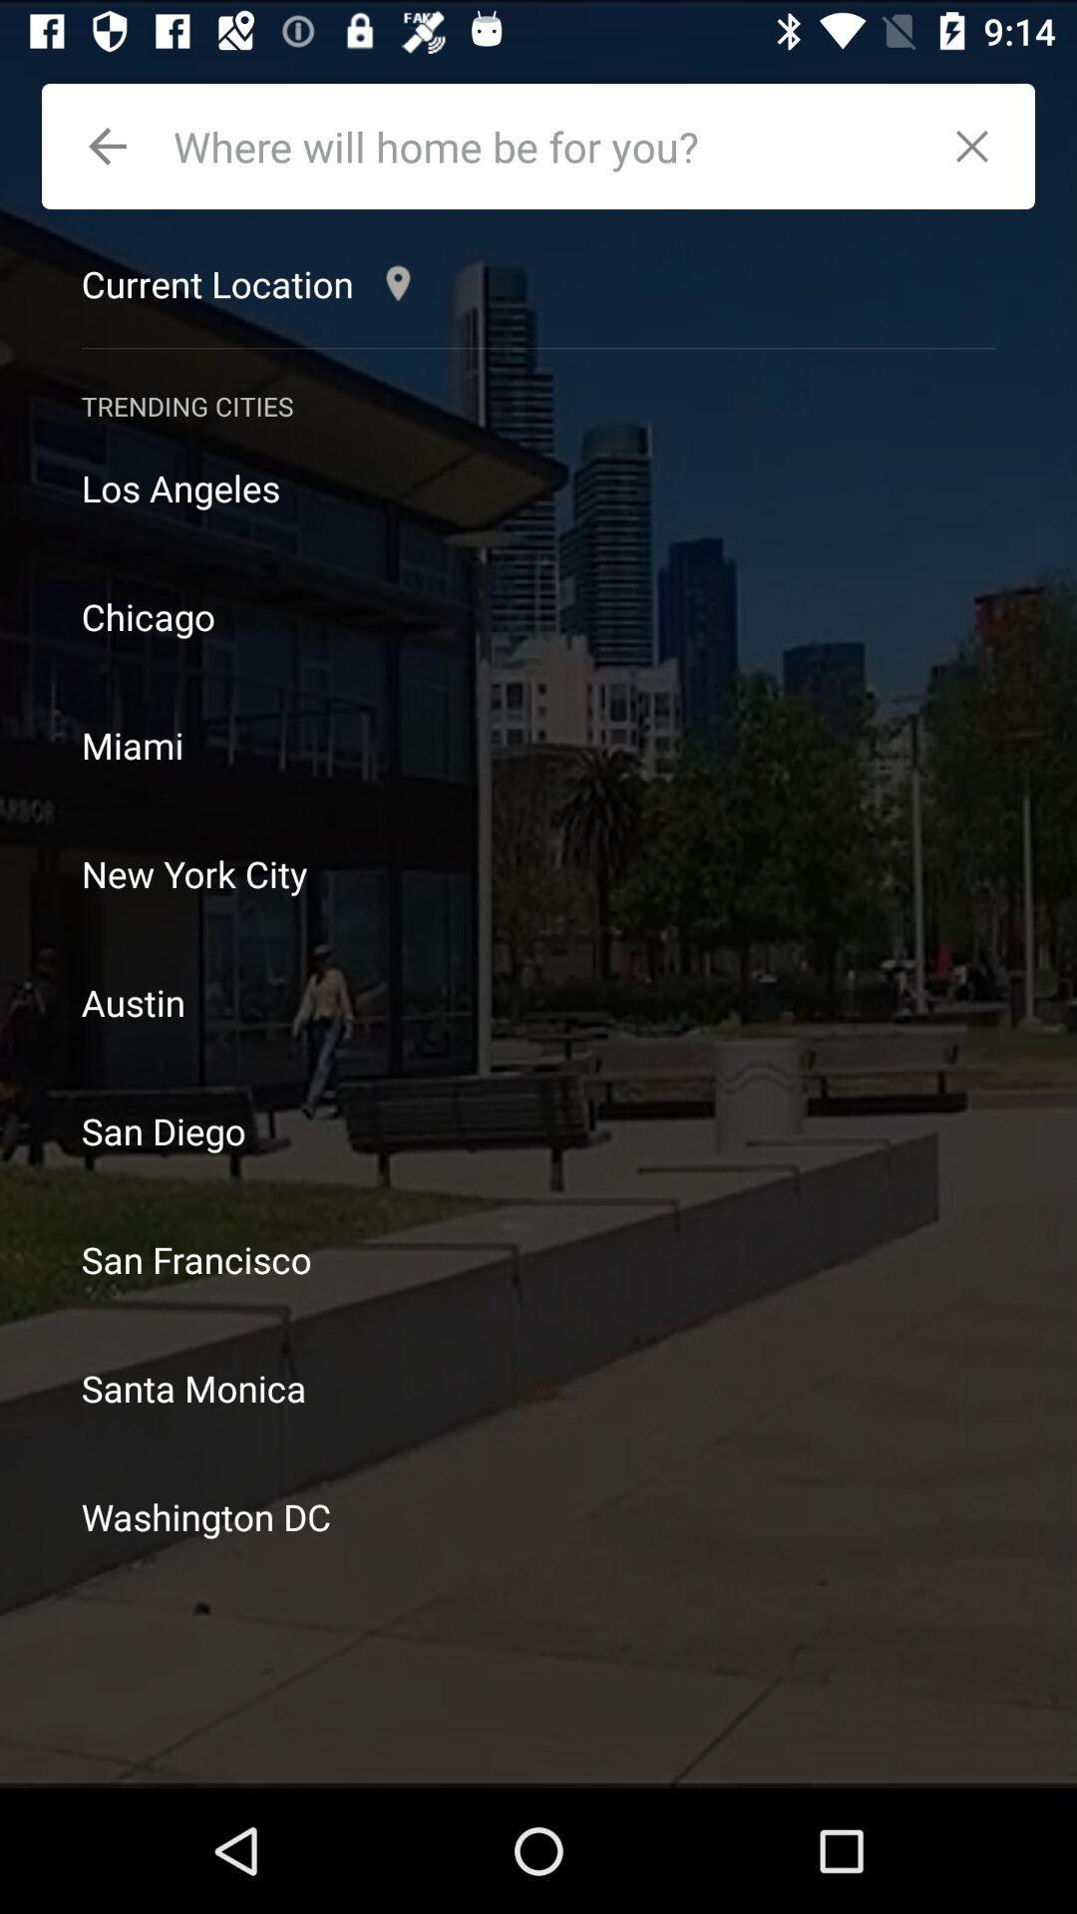 The width and height of the screenshot is (1077, 1914). Describe the element at coordinates (981, 146) in the screenshot. I see `box` at that location.